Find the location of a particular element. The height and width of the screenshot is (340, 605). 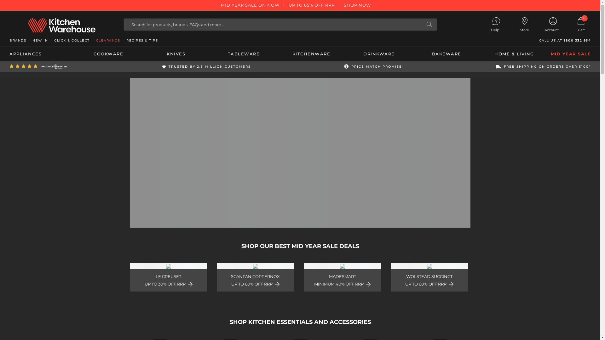

'Account is located at coordinates (553, 25).